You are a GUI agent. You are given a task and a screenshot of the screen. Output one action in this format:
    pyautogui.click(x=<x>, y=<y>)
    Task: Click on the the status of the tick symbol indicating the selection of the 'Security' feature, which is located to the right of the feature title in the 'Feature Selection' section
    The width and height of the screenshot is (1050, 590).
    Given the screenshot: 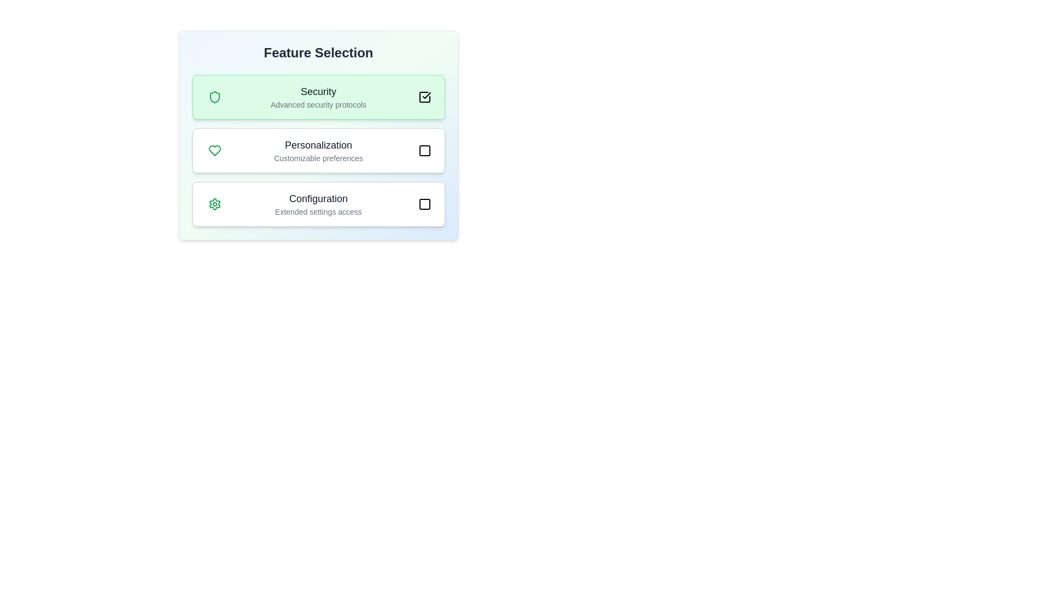 What is the action you would take?
    pyautogui.click(x=424, y=96)
    